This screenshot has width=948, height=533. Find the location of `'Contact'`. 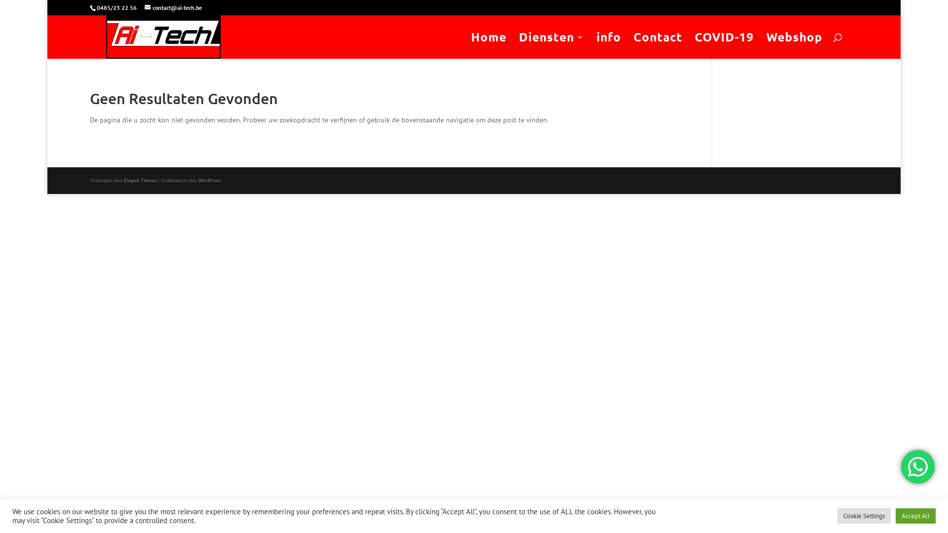

'Contact' is located at coordinates (633, 46).